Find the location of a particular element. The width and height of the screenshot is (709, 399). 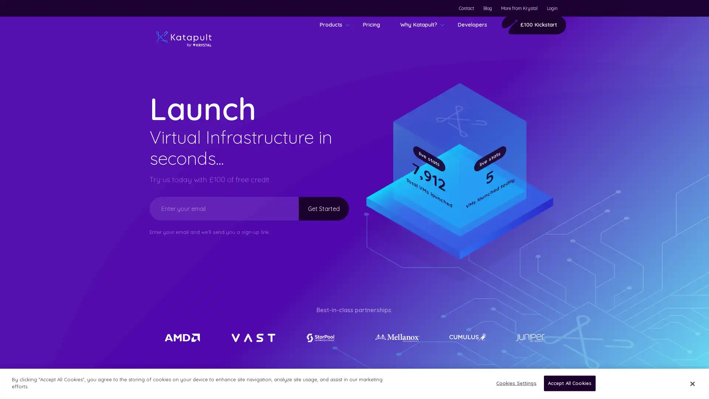

Get Started is located at coordinates (315, 208).